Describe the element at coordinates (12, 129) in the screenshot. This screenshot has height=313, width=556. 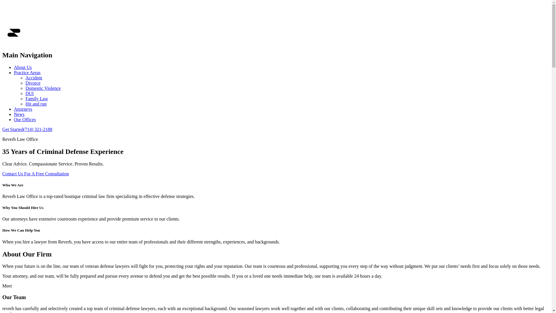
I see `'Get Started'` at that location.